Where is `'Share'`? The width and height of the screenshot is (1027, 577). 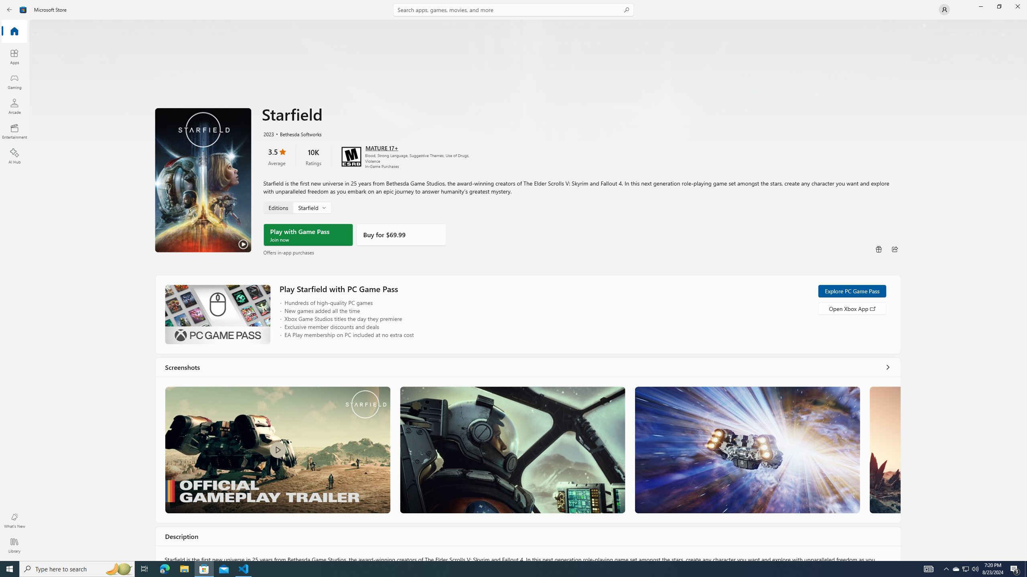 'Share' is located at coordinates (894, 249).